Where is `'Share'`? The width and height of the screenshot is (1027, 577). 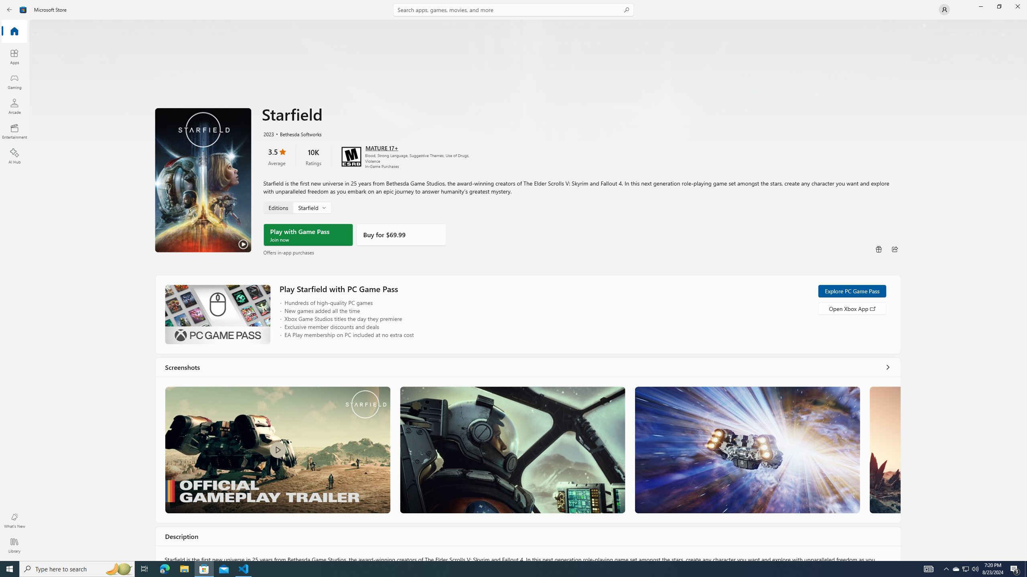 'Share' is located at coordinates (894, 249).